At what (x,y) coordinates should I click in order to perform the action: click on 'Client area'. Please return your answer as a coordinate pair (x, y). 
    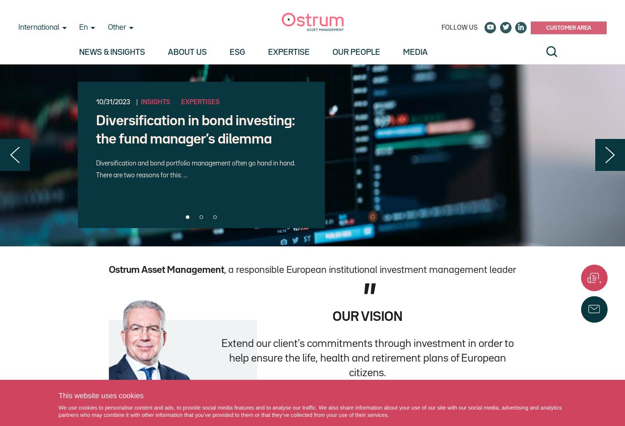
    Looking at the image, I should click on (419, 360).